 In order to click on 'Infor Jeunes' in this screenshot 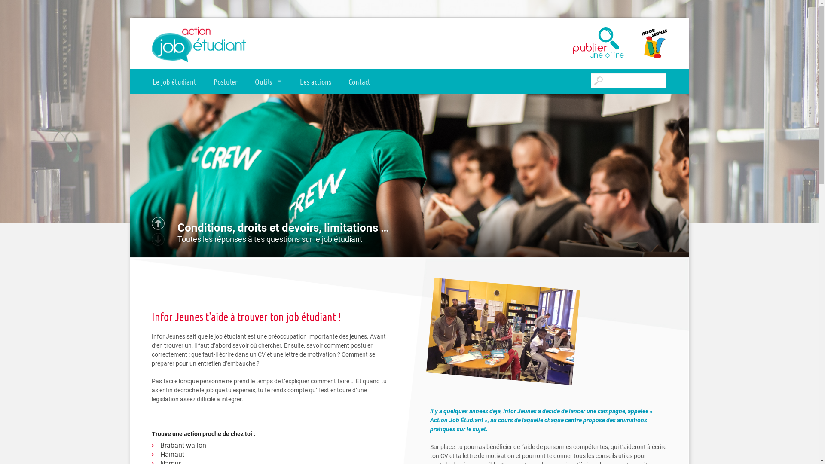, I will do `click(645, 43)`.